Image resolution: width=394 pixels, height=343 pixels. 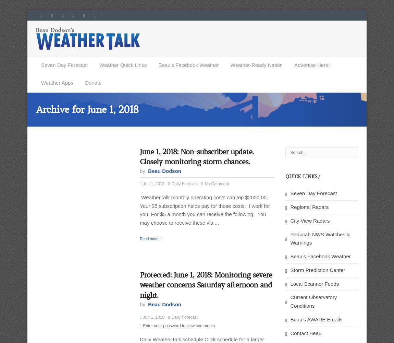 I want to click on 'Protected: June 1, 2018:  Monitoring severe weather concerns Saturday afternoon and night.', so click(x=205, y=284).